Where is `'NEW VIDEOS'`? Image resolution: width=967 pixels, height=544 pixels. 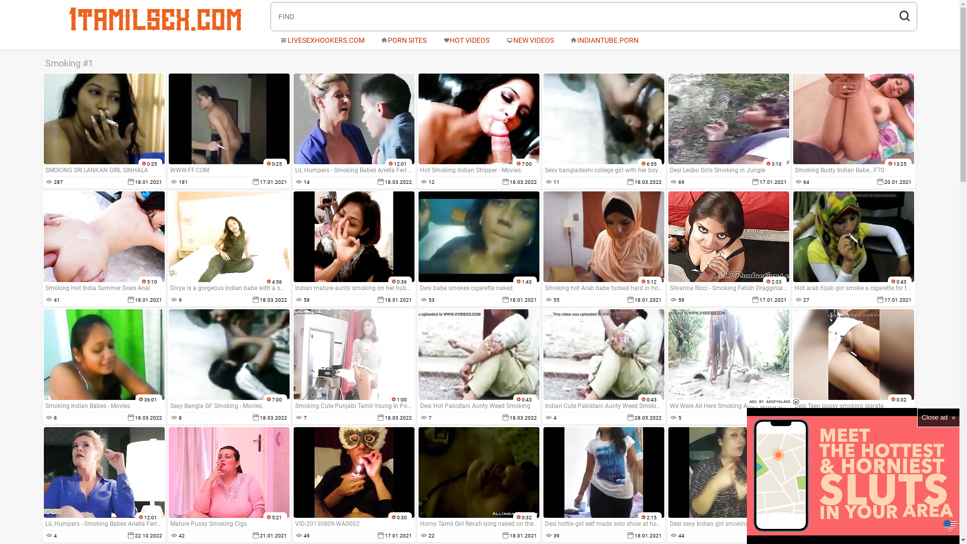
'NEW VIDEOS' is located at coordinates (529, 40).